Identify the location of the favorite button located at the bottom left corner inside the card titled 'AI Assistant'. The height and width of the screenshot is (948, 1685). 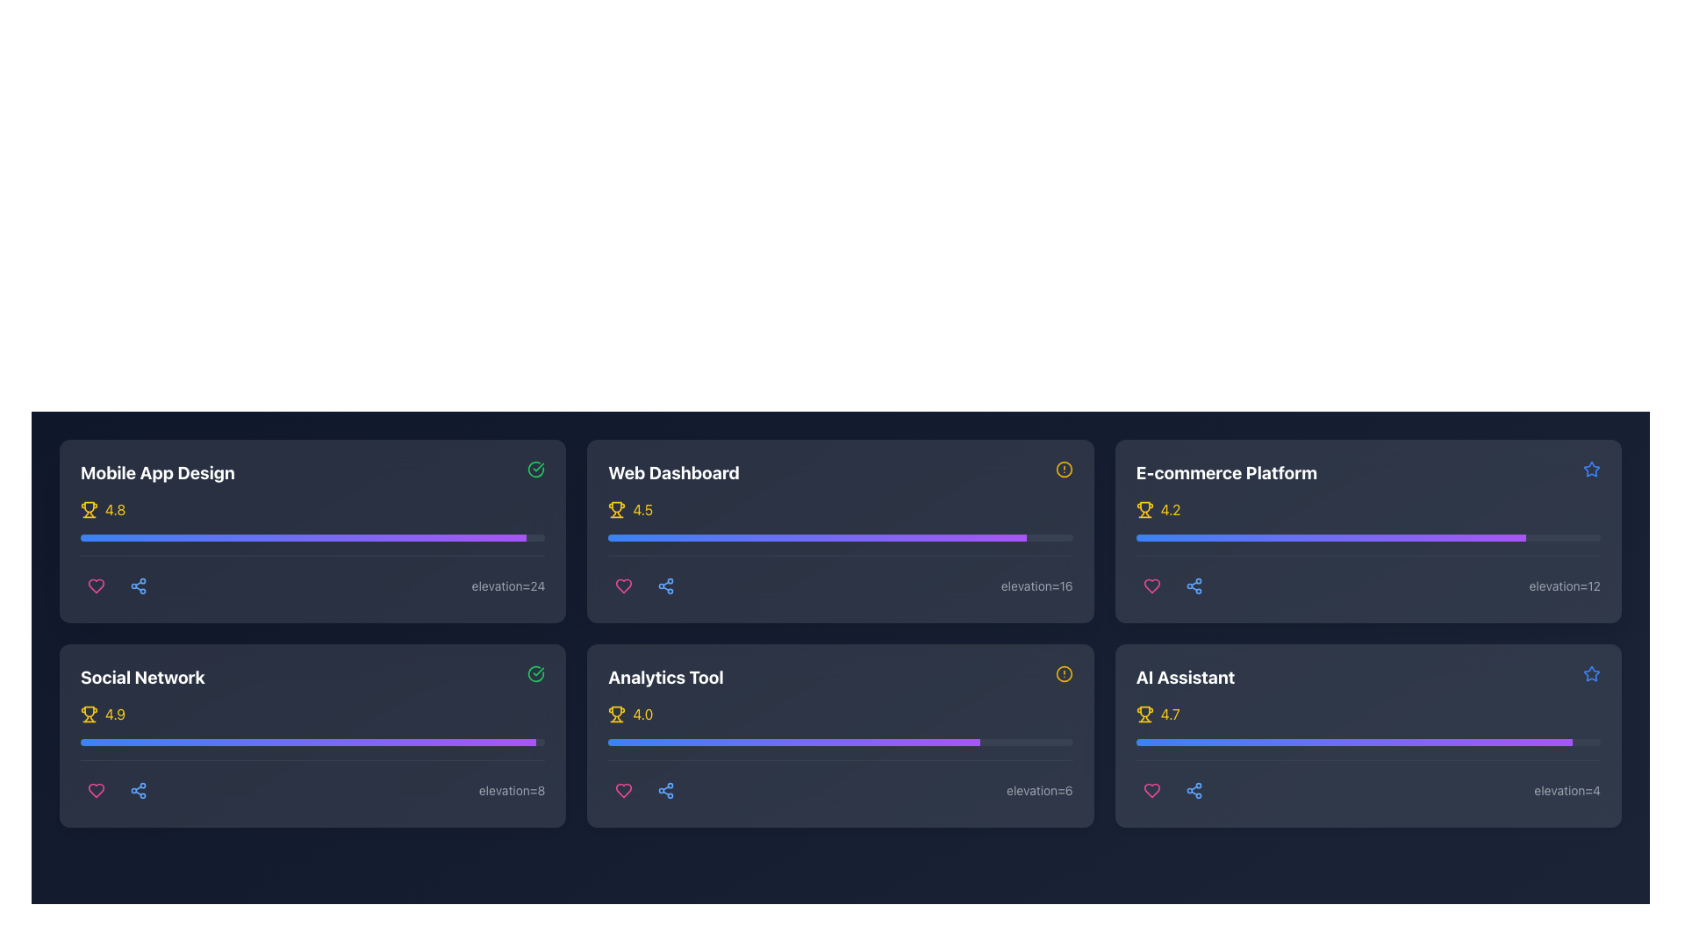
(1151, 791).